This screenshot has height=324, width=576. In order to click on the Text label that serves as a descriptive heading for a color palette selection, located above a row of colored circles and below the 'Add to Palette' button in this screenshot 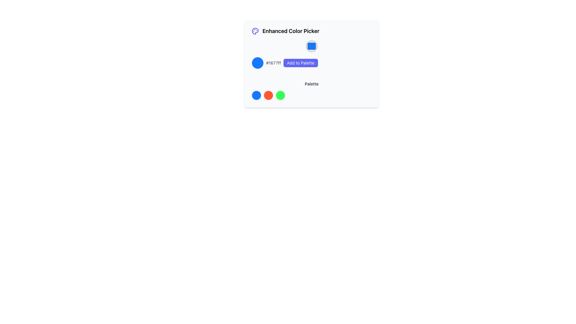, I will do `click(311, 84)`.